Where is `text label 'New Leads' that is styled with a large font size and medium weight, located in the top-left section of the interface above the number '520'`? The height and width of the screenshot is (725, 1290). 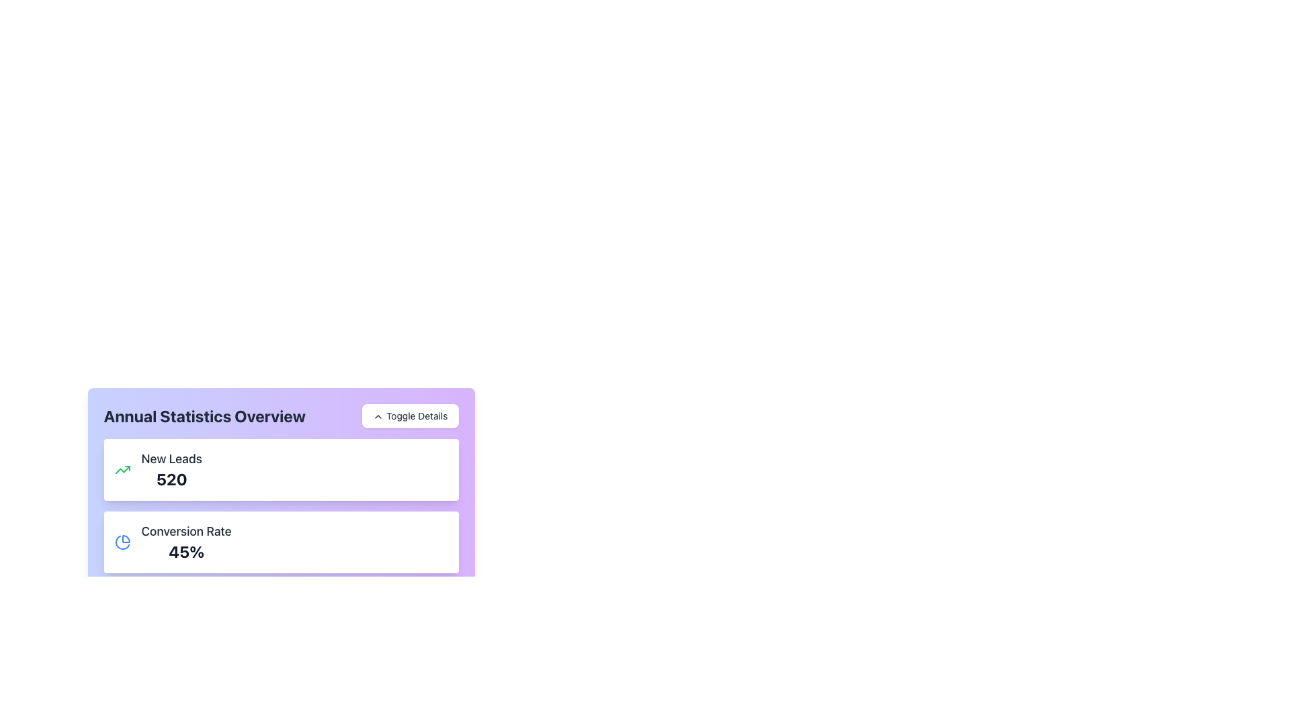 text label 'New Leads' that is styled with a large font size and medium weight, located in the top-left section of the interface above the number '520' is located at coordinates (171, 458).